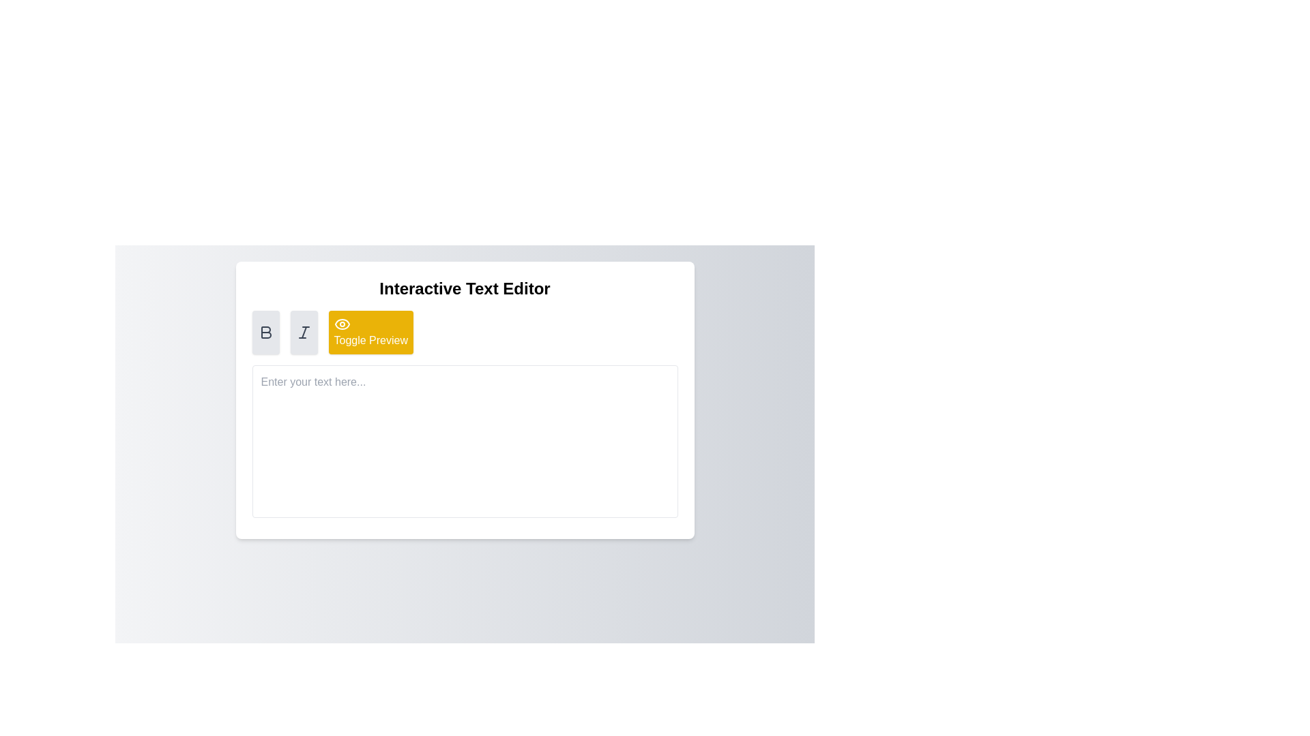 The width and height of the screenshot is (1310, 736). What do you see at coordinates (342, 324) in the screenshot?
I see `the decorative icon located within the yellow button labeled 'Toggle Preview' for context indication` at bounding box center [342, 324].